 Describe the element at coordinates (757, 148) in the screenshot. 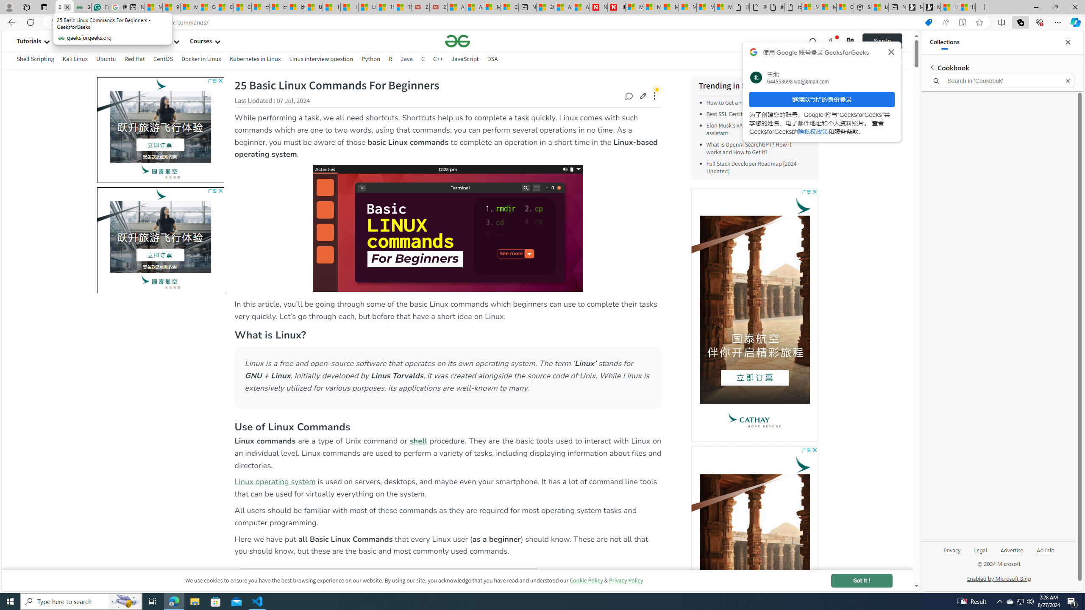

I see `'What is OpenAI SearchGPT? How it works and How to Get it?'` at that location.